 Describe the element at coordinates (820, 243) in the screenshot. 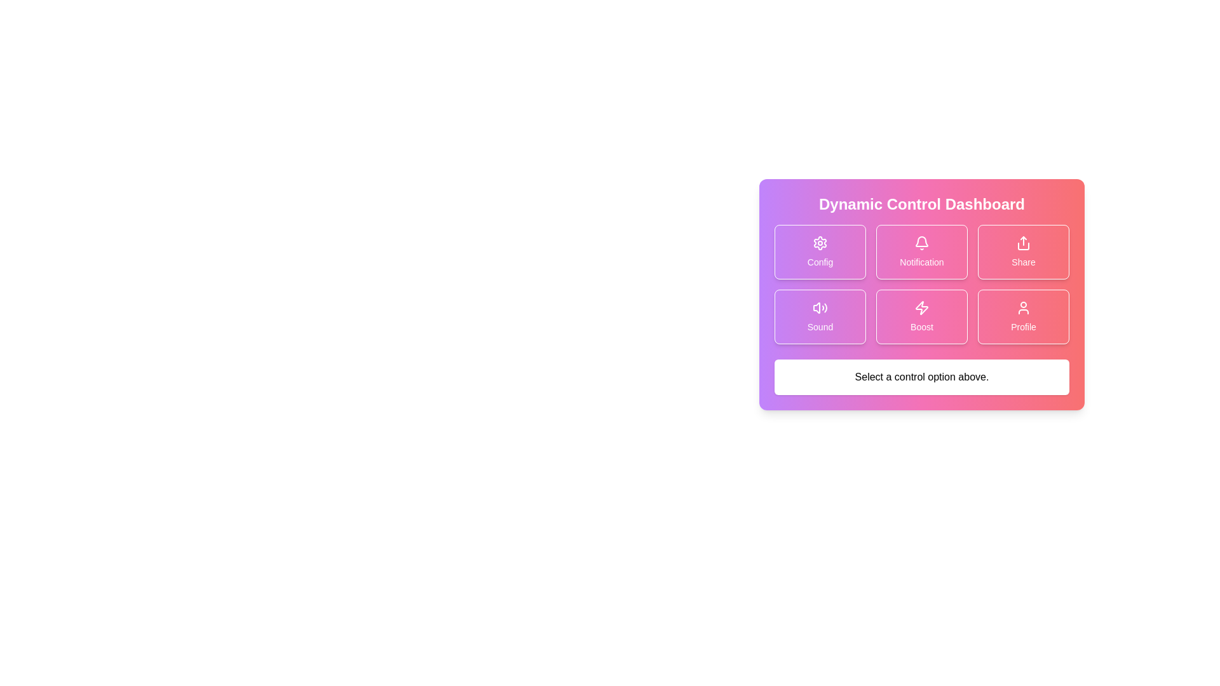

I see `the cogwheel icon within the 'Config' button` at that location.